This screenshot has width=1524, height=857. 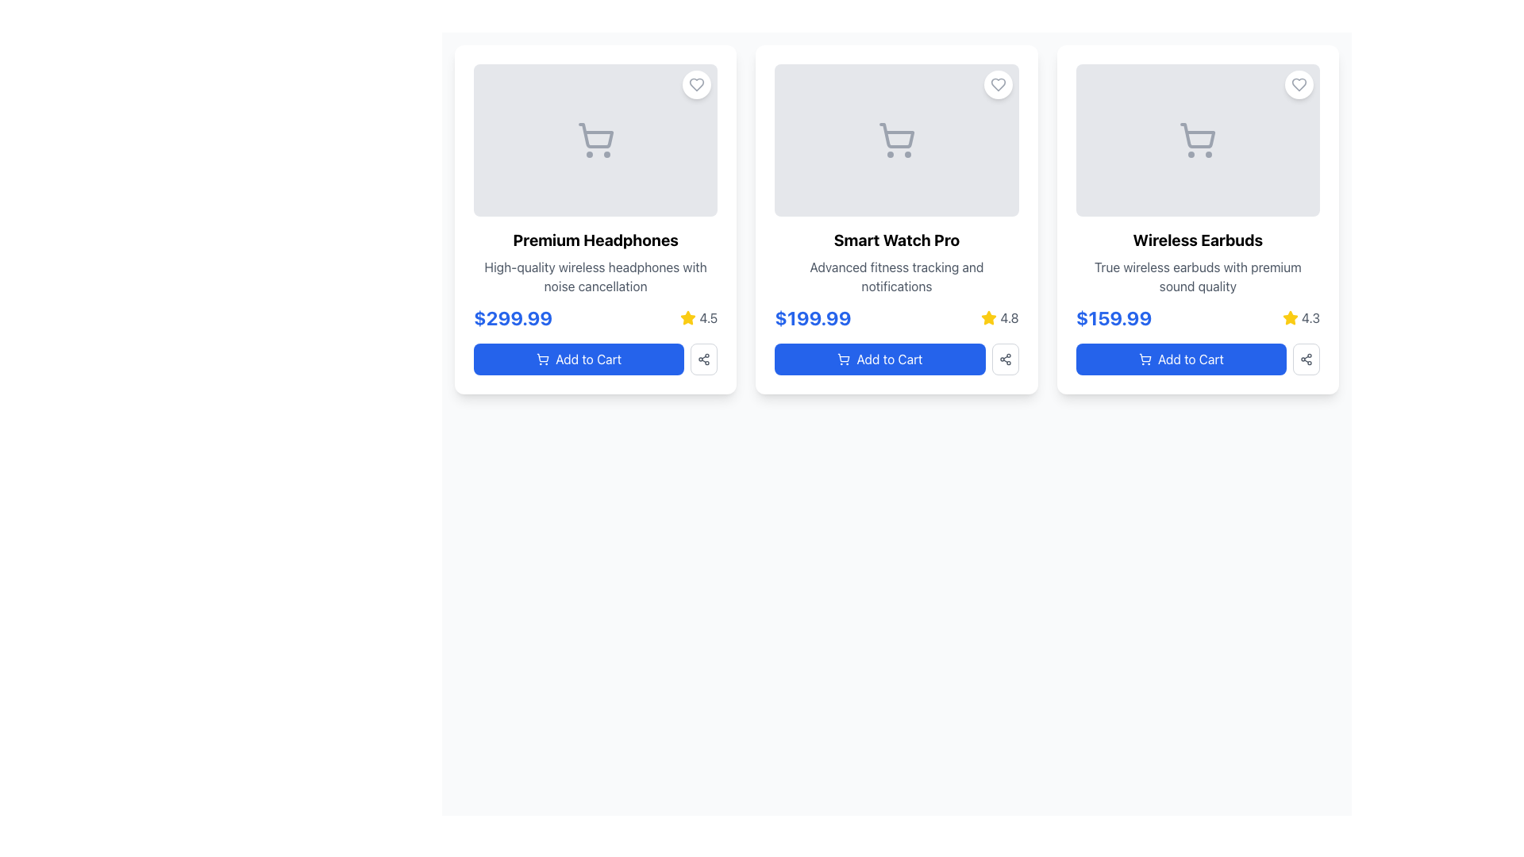 What do you see at coordinates (1307, 359) in the screenshot?
I see `the button resembling a three-node network or share symbol, located in the third card under the star rating and to the right of the 'Add to Cart' button` at bounding box center [1307, 359].